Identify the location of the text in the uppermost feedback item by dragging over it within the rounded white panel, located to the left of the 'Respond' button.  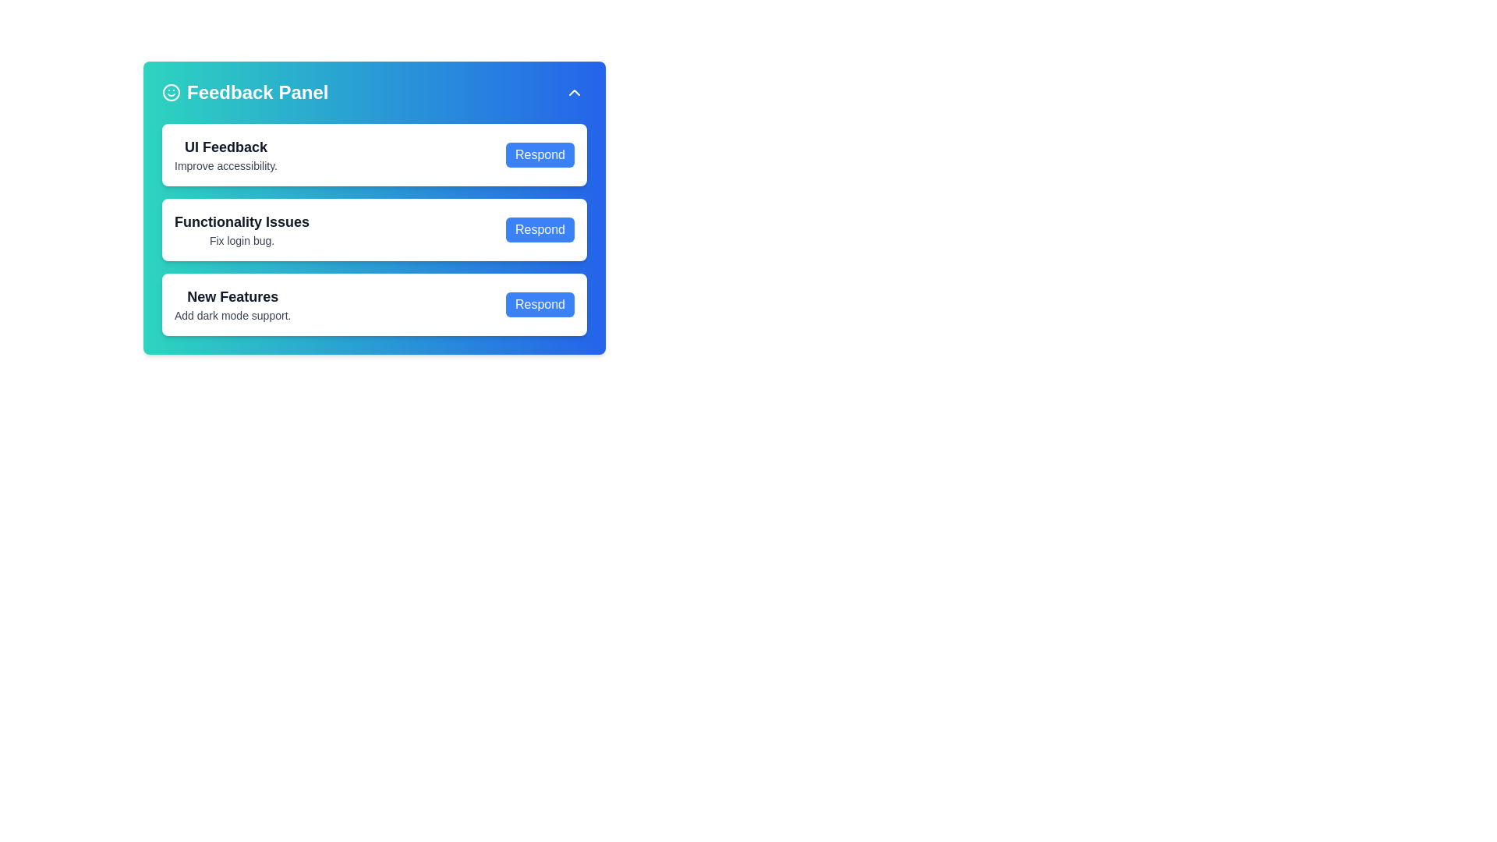
(225, 155).